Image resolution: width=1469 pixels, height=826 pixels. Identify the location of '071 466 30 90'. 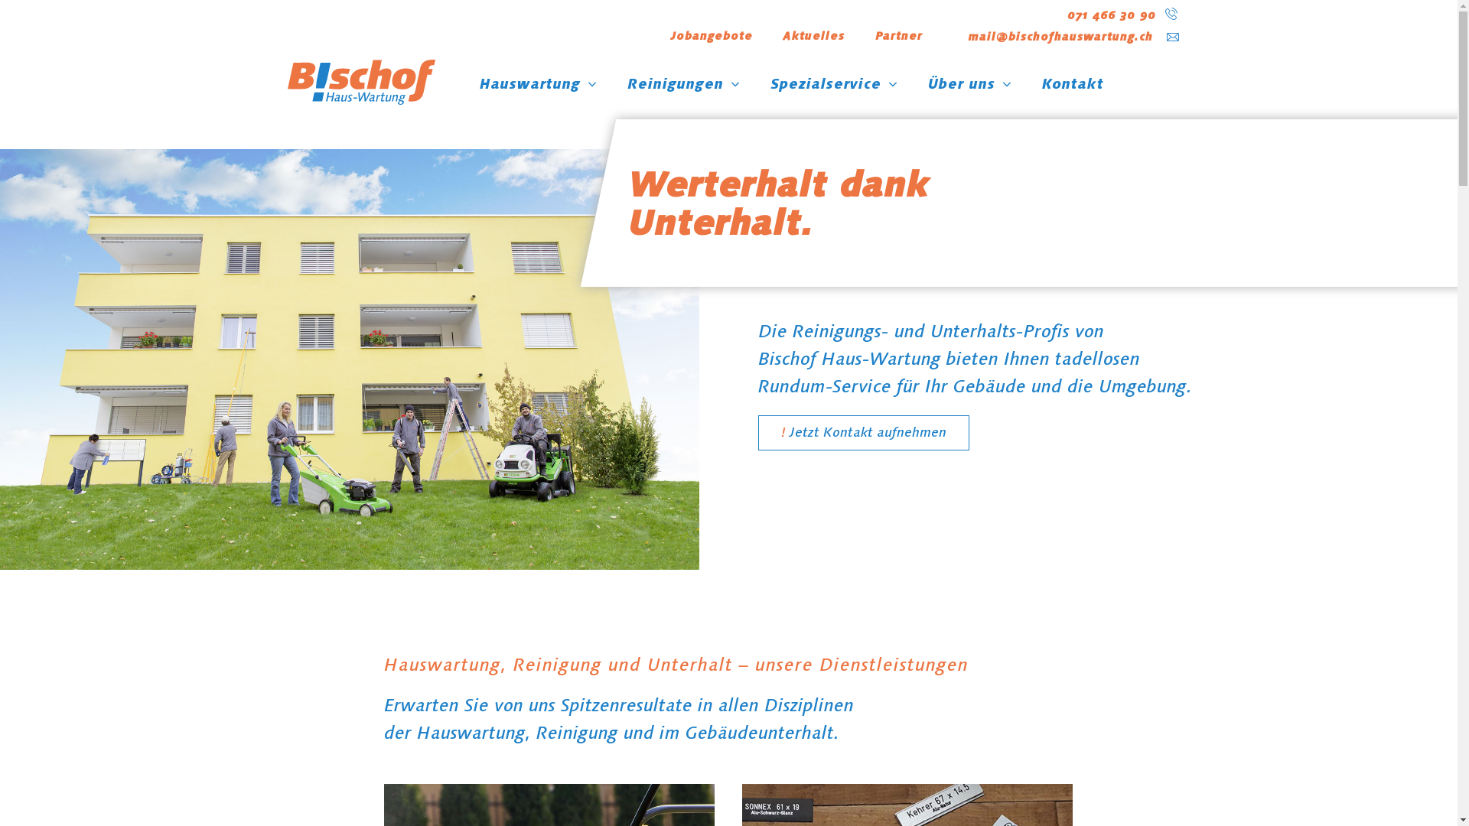
(1112, 15).